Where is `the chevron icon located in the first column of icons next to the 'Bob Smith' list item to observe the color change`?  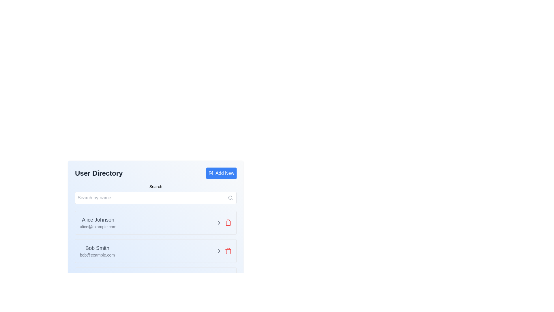
the chevron icon located in the first column of icons next to the 'Bob Smith' list item to observe the color change is located at coordinates (218, 250).